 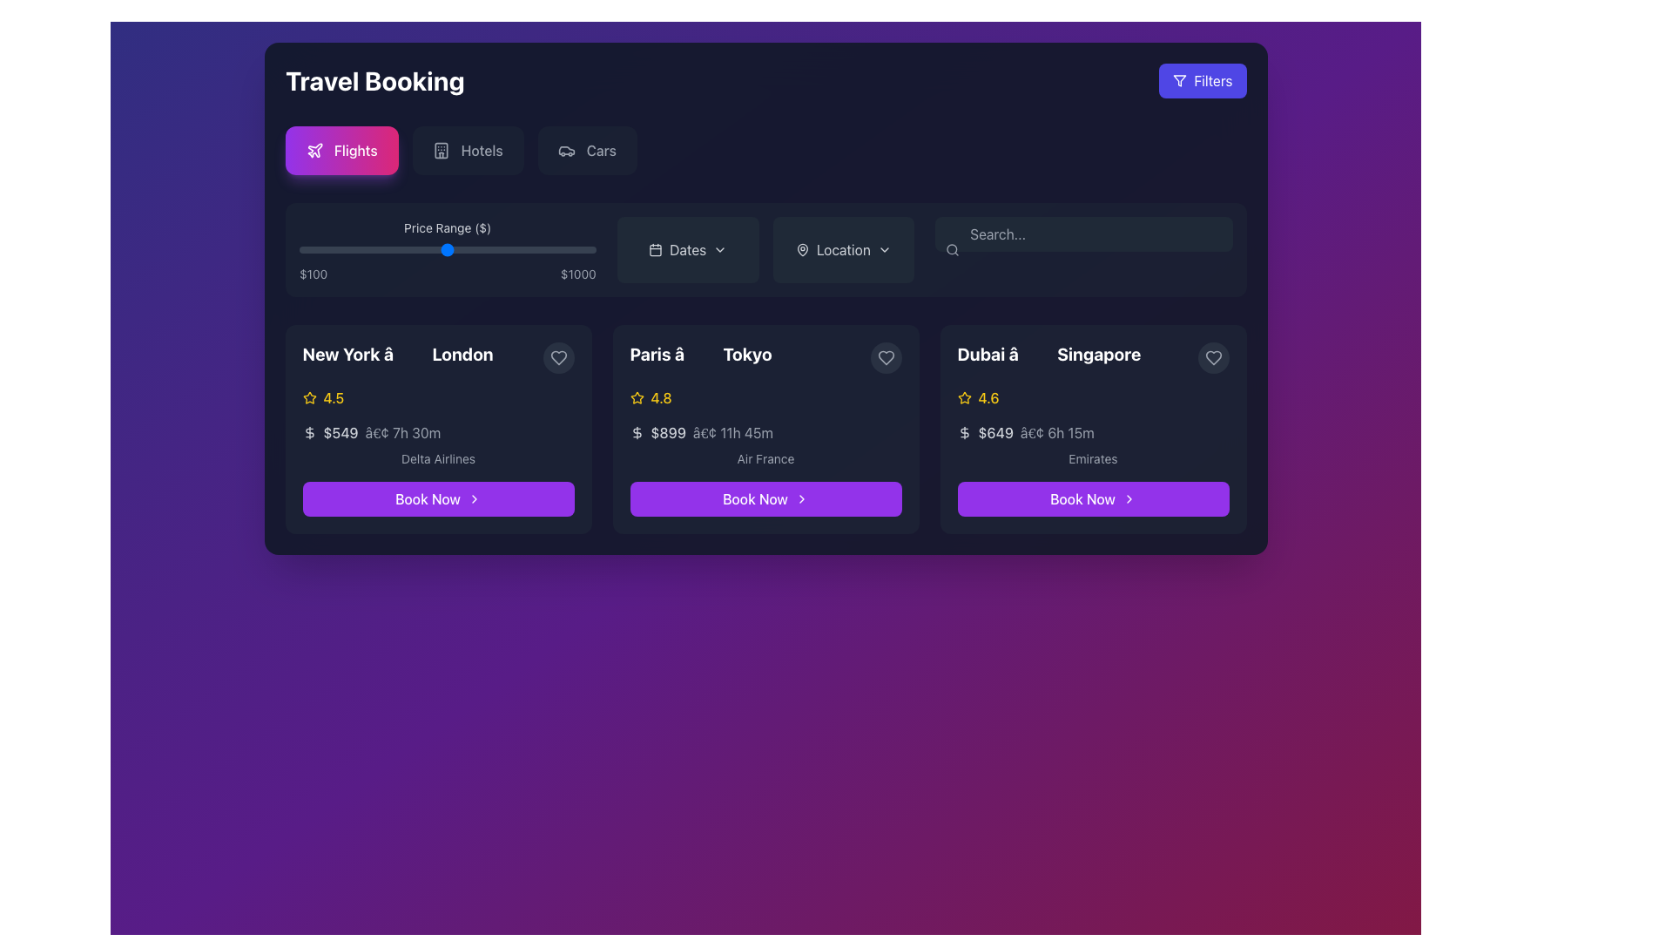 I want to click on the text label displaying the flight route 'Dubai → Singapore', which is styled in bold white text on a dark background, located at the top of the last flight card on the right-hand side of the UI, so click(x=1092, y=357).